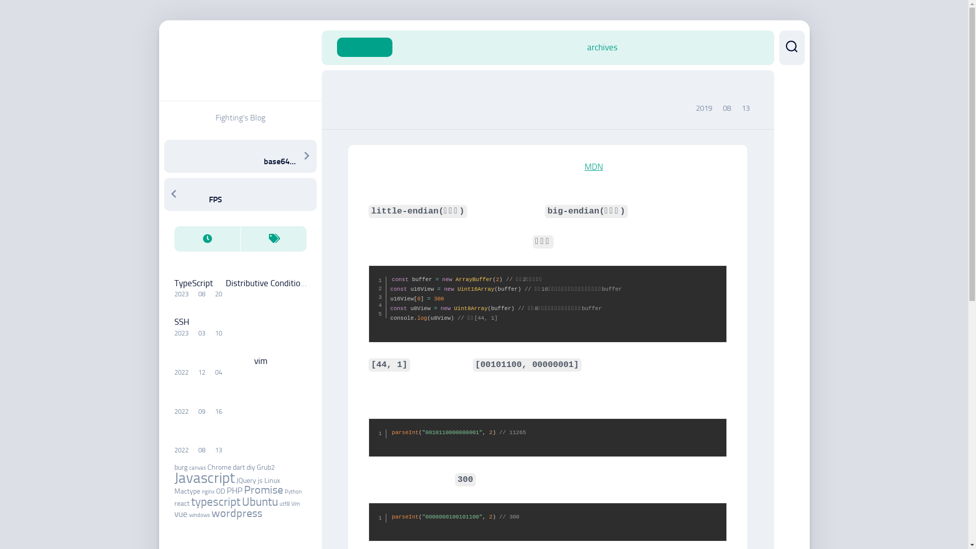 This screenshot has height=549, width=976. Describe the element at coordinates (187, 491) in the screenshot. I see `'Mactype'` at that location.